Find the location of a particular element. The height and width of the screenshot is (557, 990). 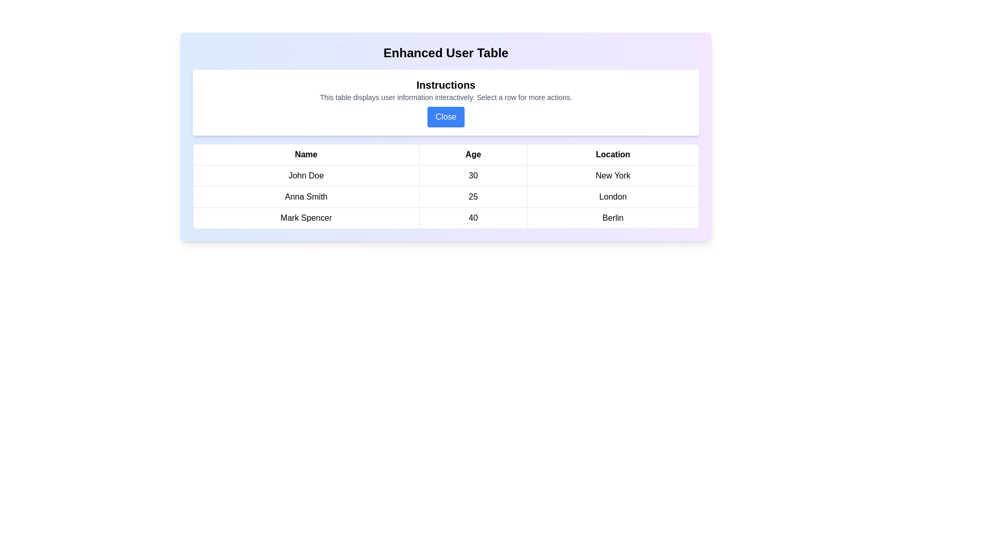

the instructional text element, which is a smaller font size, light gray colored text located below the 'Instructions' heading and above the 'Close' button is located at coordinates (445, 97).